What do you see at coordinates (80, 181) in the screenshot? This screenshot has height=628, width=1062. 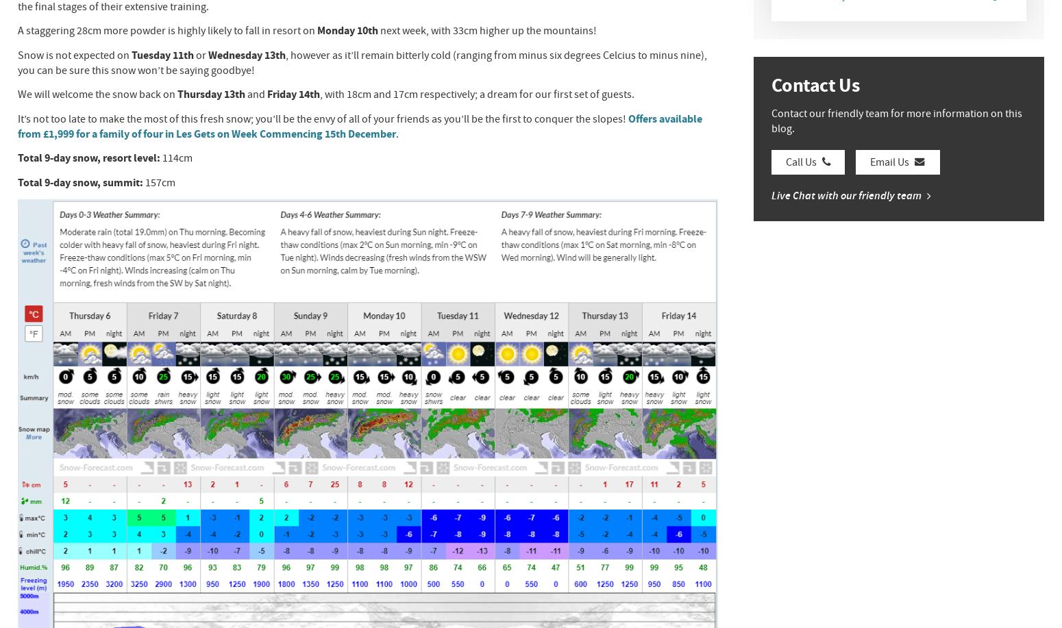 I see `'Total 9-day snow, summit:'` at bounding box center [80, 181].